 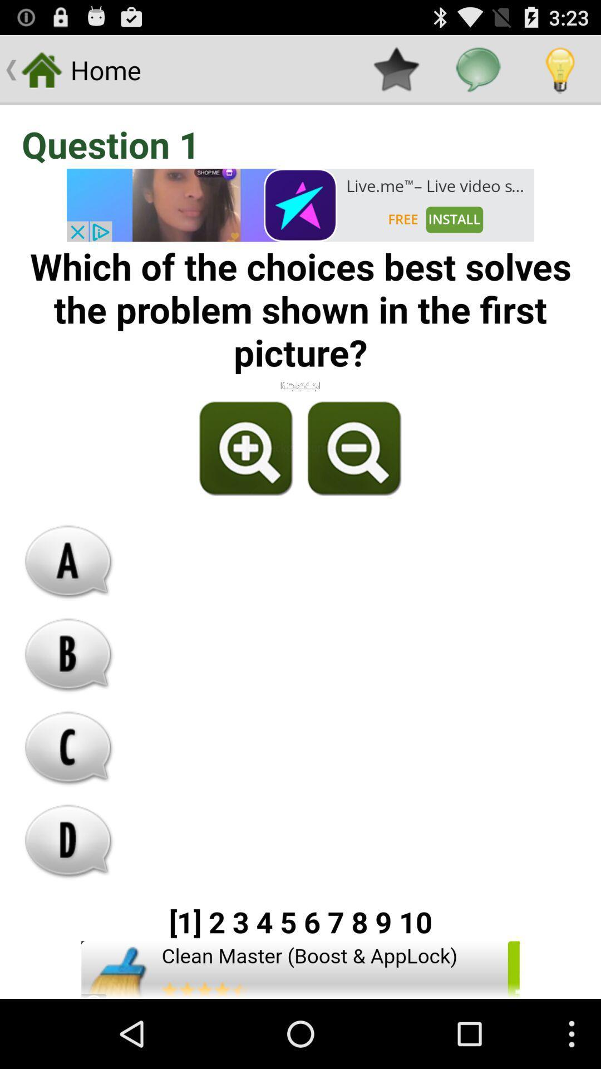 I want to click on the chat icon below the first chat icon on the web page, so click(x=68, y=655).